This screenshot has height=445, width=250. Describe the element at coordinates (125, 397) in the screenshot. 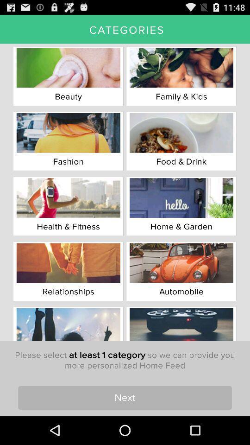

I see `the item below the please select at icon` at that location.